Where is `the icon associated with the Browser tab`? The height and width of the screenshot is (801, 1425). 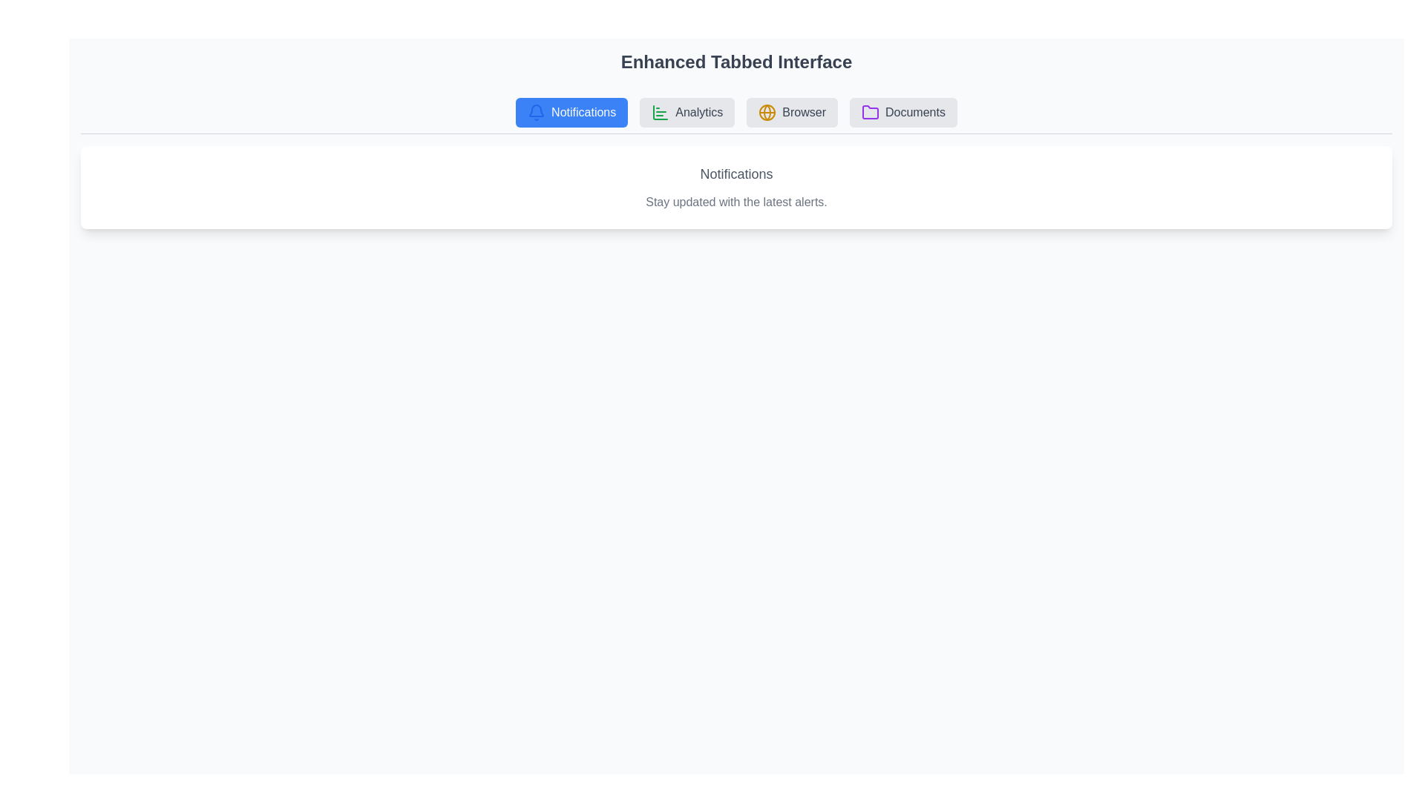
the icon associated with the Browser tab is located at coordinates (767, 111).